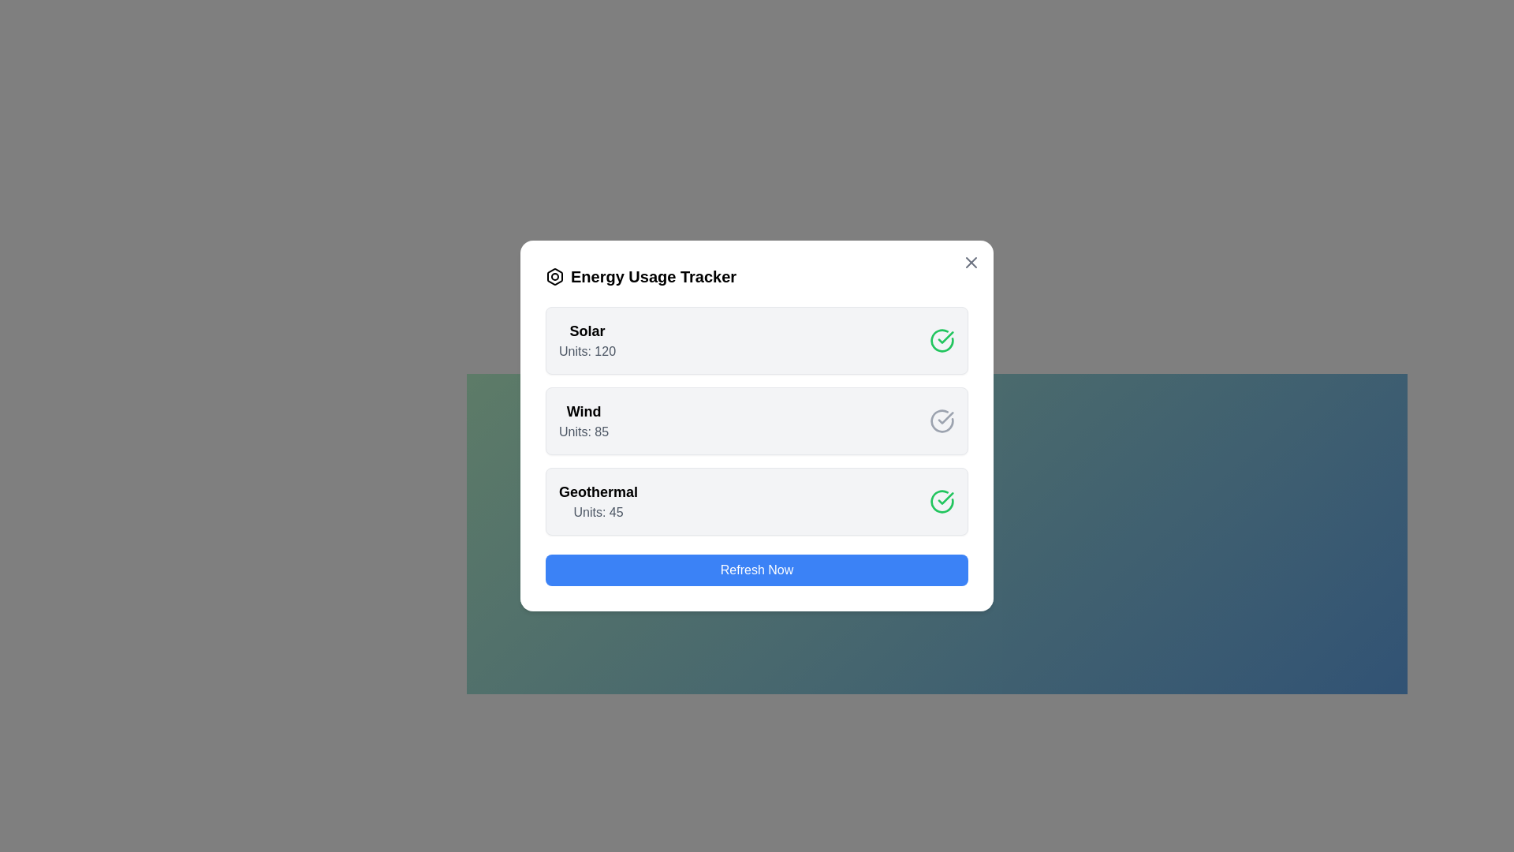 The image size is (1514, 852). Describe the element at coordinates (971, 261) in the screenshot. I see `the Close button located at the top-right of the 'Energy Usage Tracker' card` at that location.